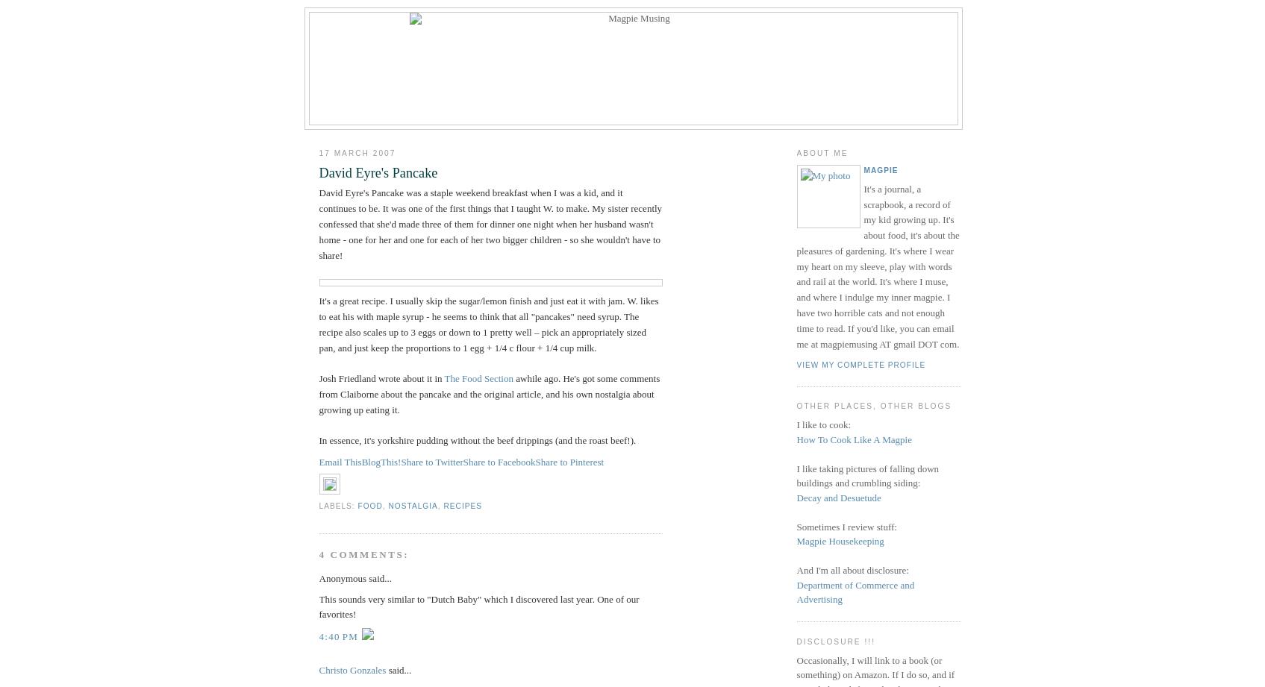 Image resolution: width=1265 pixels, height=687 pixels. I want to click on 'And I'm all about disclosure:', so click(851, 570).